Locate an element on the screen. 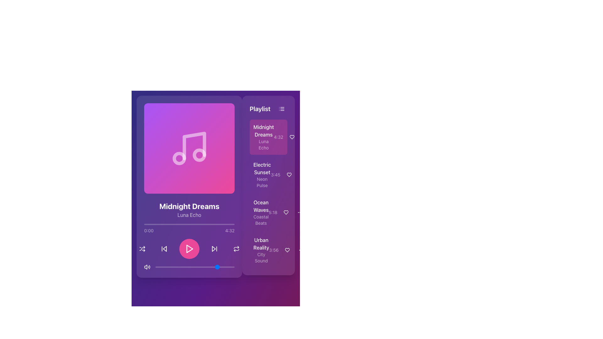 The height and width of the screenshot is (339, 603). playback position is located at coordinates (217, 224).